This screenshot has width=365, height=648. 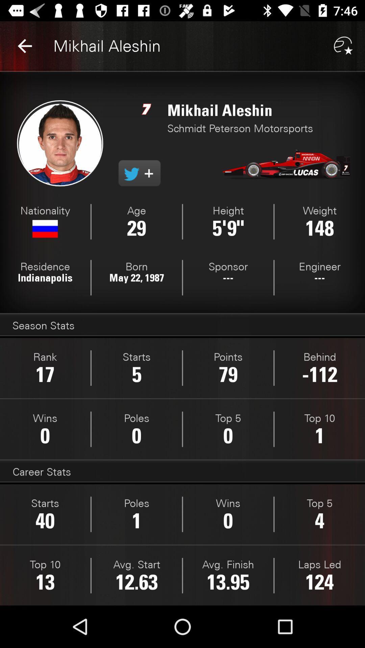 What do you see at coordinates (24, 46) in the screenshot?
I see `the item next to mikhail aleshin item` at bounding box center [24, 46].